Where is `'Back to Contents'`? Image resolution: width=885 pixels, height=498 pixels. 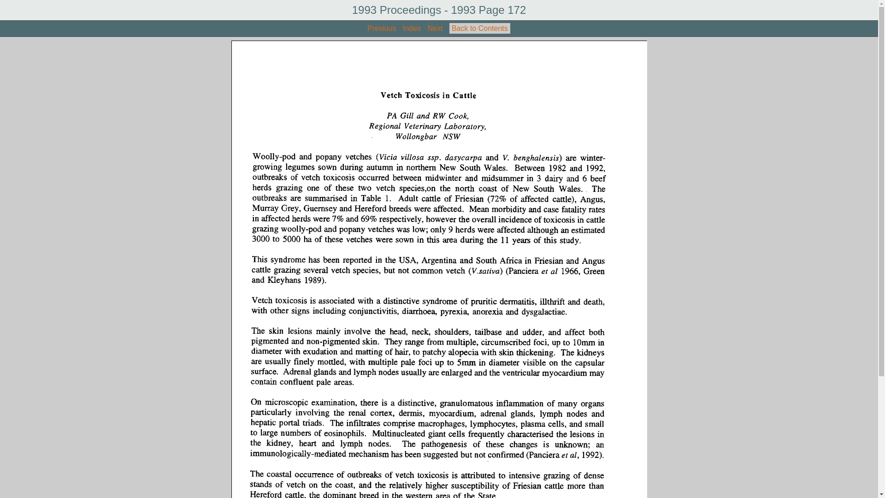
'Back to Contents' is located at coordinates (479, 28).